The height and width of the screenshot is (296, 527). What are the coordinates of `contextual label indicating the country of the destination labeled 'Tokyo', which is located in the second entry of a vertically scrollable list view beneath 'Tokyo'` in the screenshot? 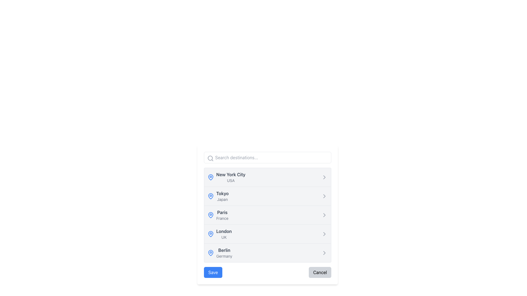 It's located at (222, 200).